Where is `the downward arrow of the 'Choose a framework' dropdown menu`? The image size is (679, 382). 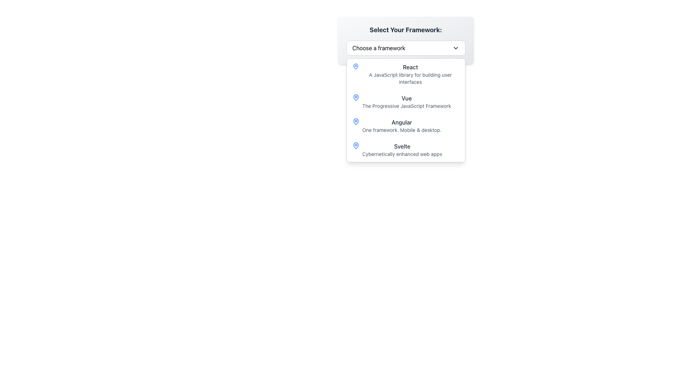
the downward arrow of the 'Choose a framework' dropdown menu is located at coordinates (406, 48).